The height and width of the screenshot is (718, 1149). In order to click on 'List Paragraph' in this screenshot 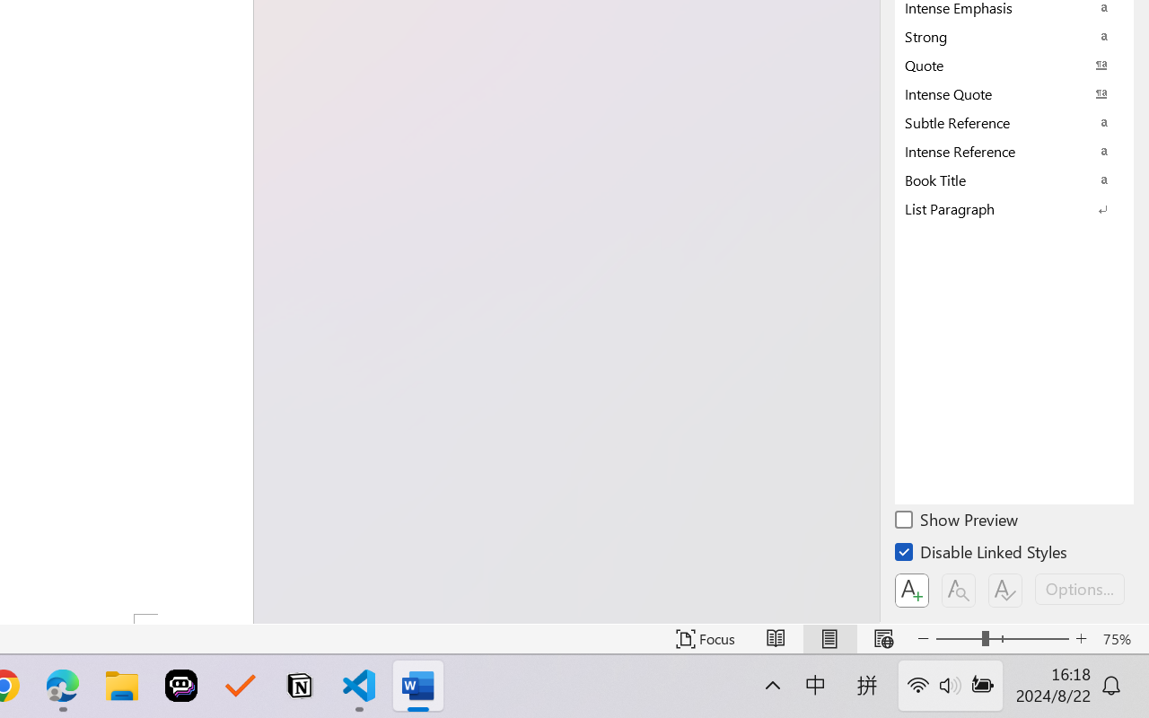, I will do `click(1014, 208)`.